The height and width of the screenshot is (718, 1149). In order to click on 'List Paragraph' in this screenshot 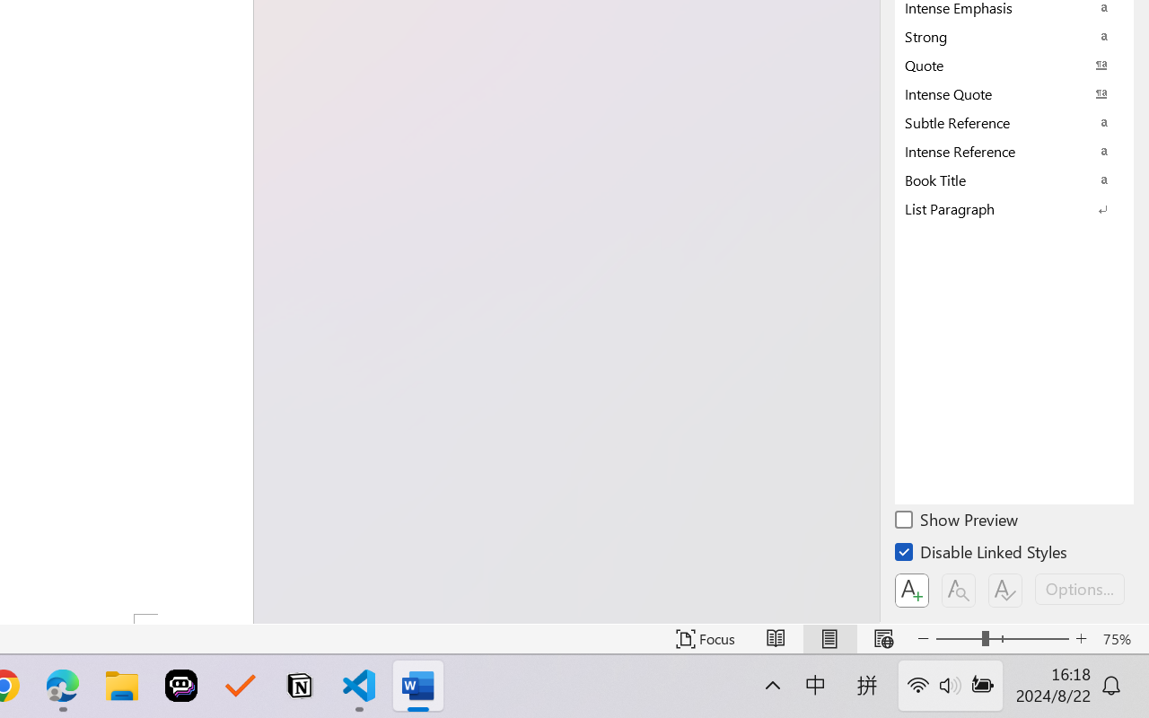, I will do `click(1014, 208)`.